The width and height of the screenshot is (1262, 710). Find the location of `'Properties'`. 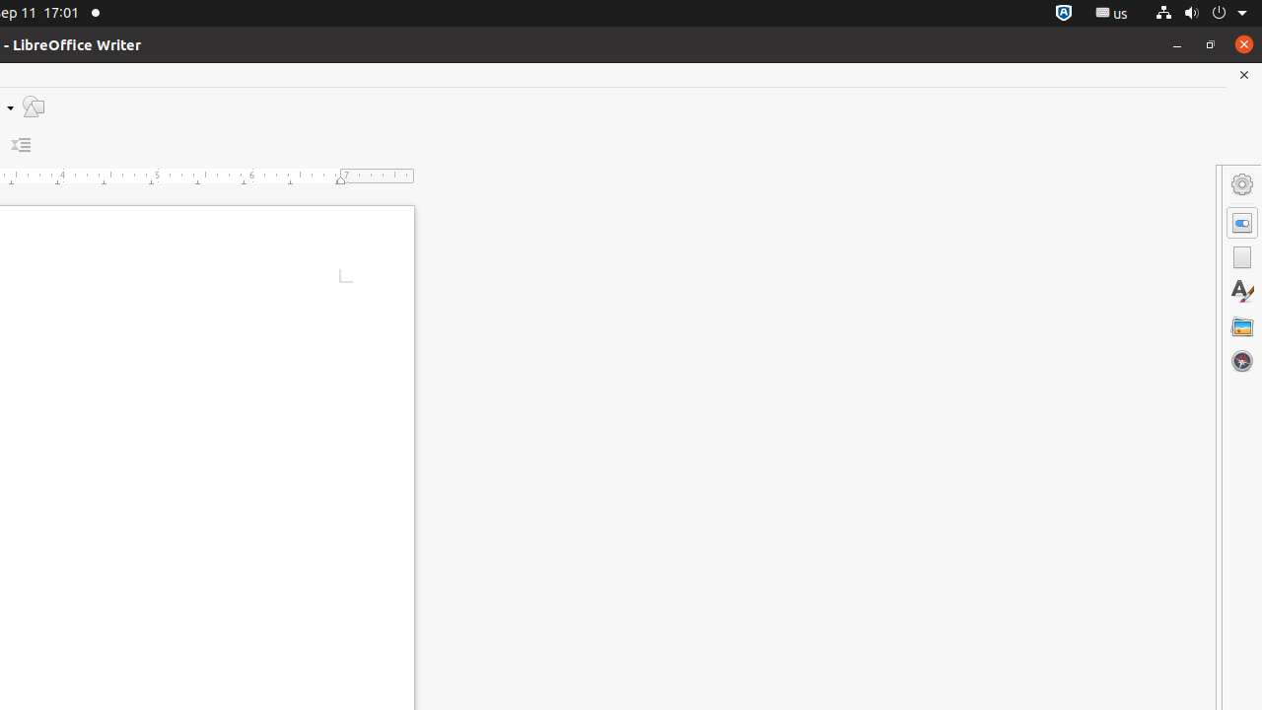

'Properties' is located at coordinates (1241, 222).